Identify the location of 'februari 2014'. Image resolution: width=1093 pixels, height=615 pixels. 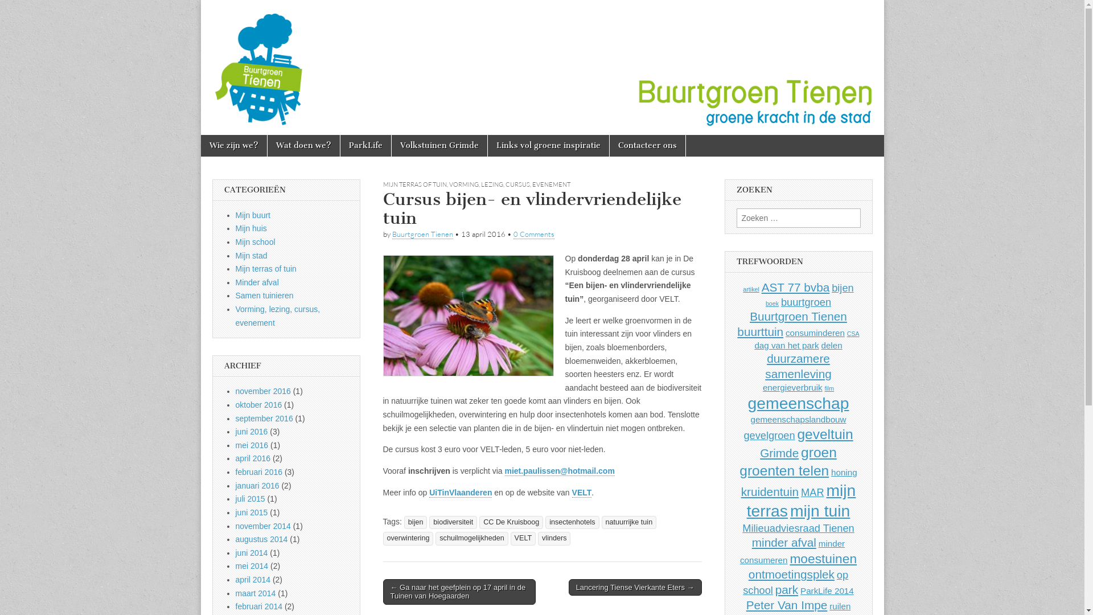
(235, 605).